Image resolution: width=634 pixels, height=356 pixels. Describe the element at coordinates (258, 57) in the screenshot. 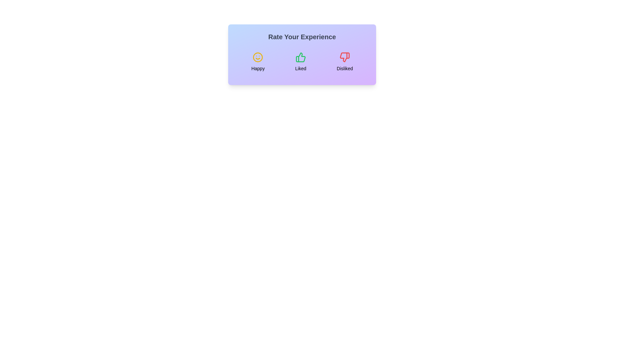

I see `the yellow circular decorative icon resembling a smiling face located in the leftmost column under the heading 'Rate Your Experience', positioned directly above the caption 'Happy'` at that location.